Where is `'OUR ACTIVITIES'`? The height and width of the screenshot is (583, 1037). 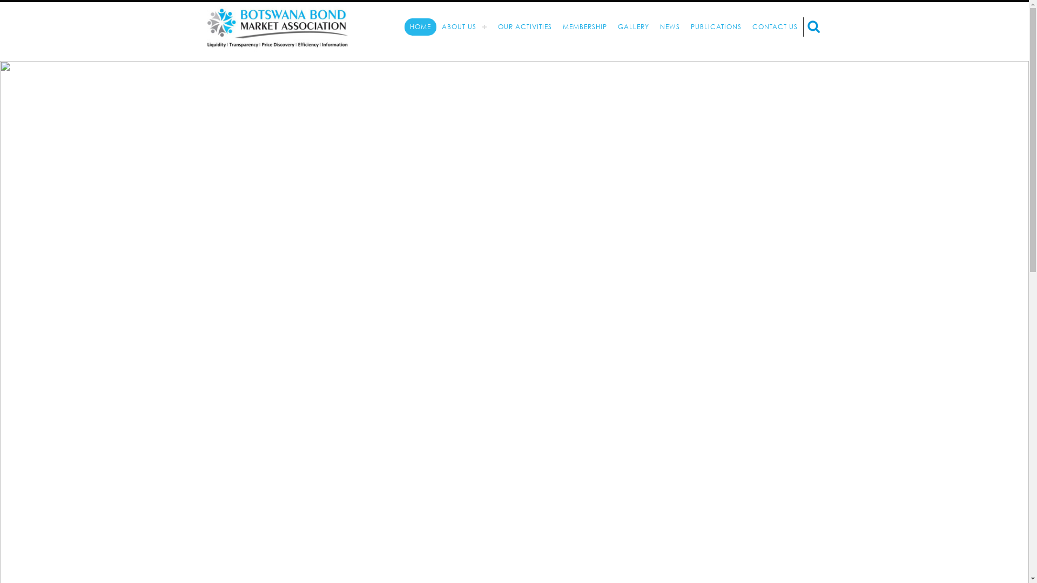 'OUR ACTIVITIES' is located at coordinates (524, 26).